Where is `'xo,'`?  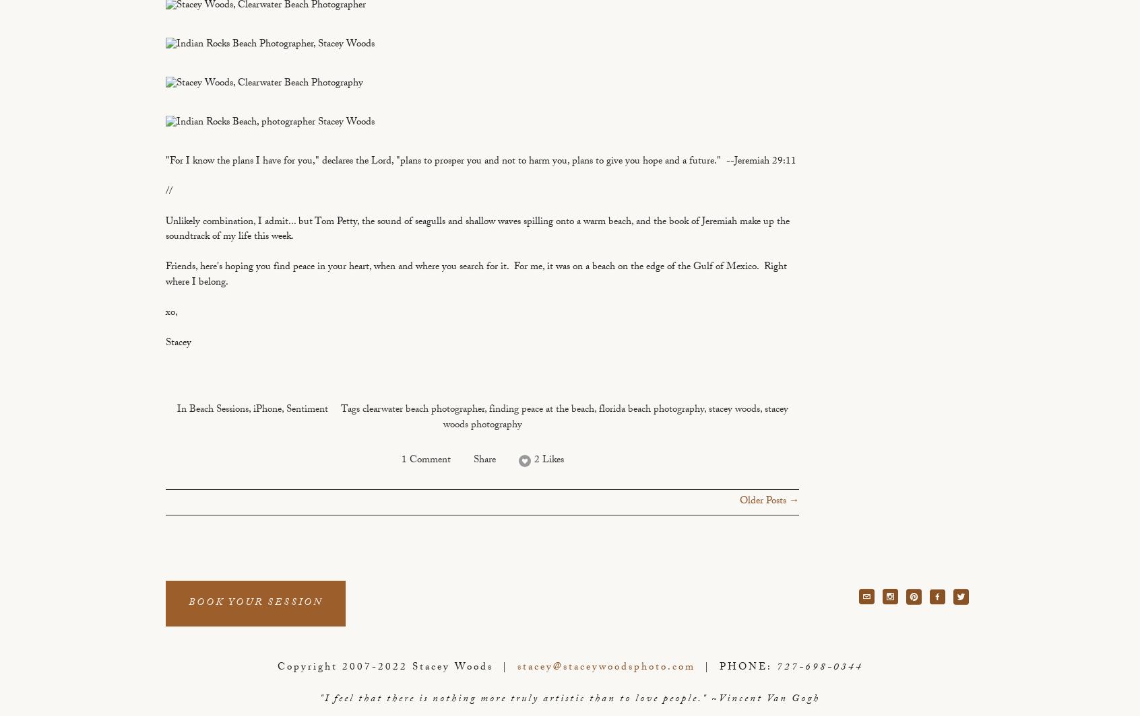 'xo,' is located at coordinates (171, 312).